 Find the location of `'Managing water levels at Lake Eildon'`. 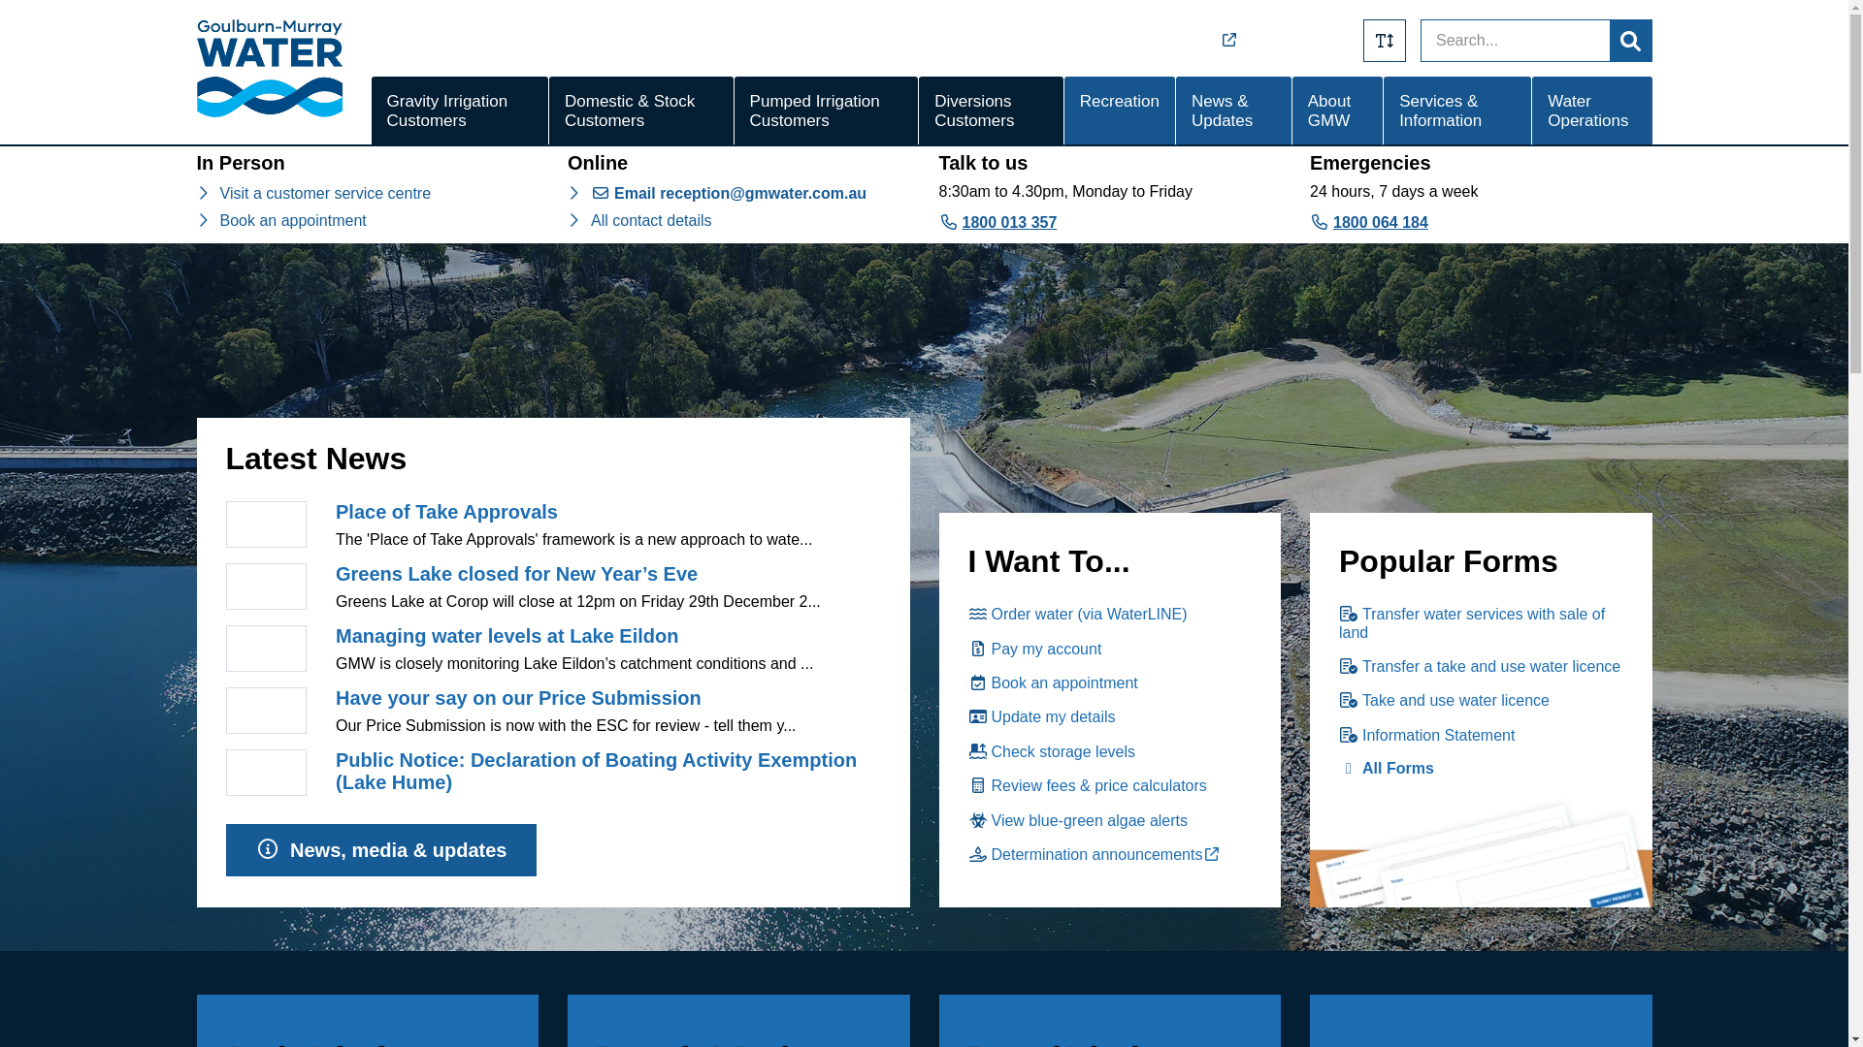

'Managing water levels at Lake Eildon' is located at coordinates (507, 635).